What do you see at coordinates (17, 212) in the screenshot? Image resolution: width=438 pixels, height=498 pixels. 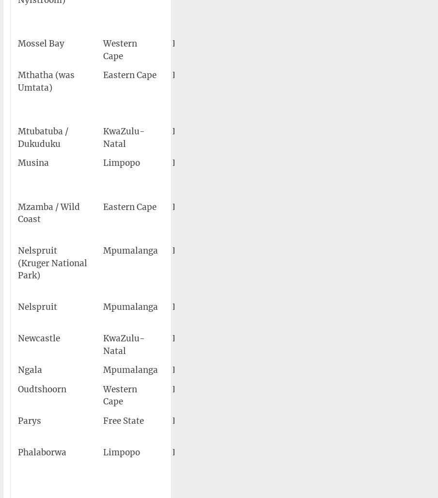 I see `'Mzamba / Wild Coast'` at bounding box center [17, 212].